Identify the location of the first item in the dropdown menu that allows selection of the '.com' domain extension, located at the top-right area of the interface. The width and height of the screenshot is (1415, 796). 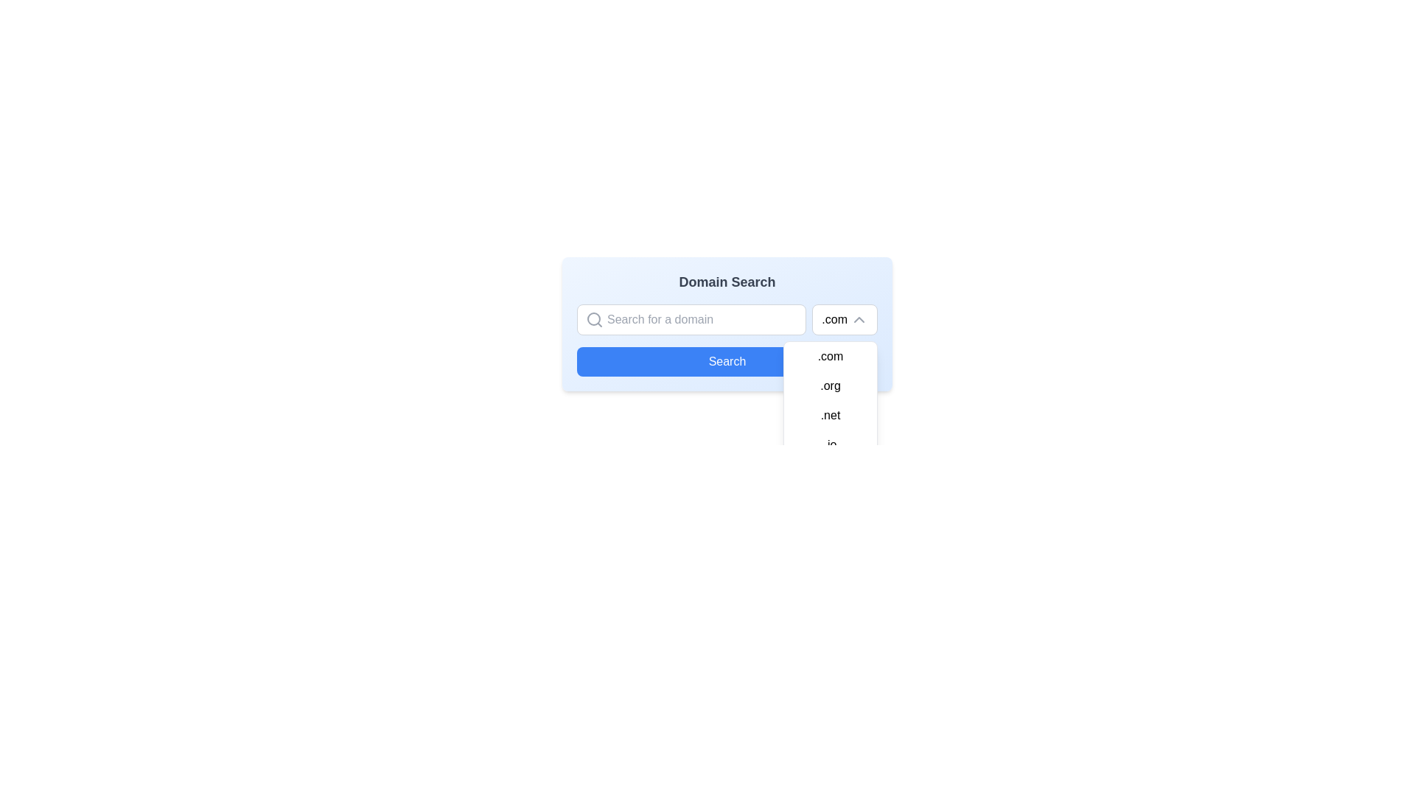
(831, 356).